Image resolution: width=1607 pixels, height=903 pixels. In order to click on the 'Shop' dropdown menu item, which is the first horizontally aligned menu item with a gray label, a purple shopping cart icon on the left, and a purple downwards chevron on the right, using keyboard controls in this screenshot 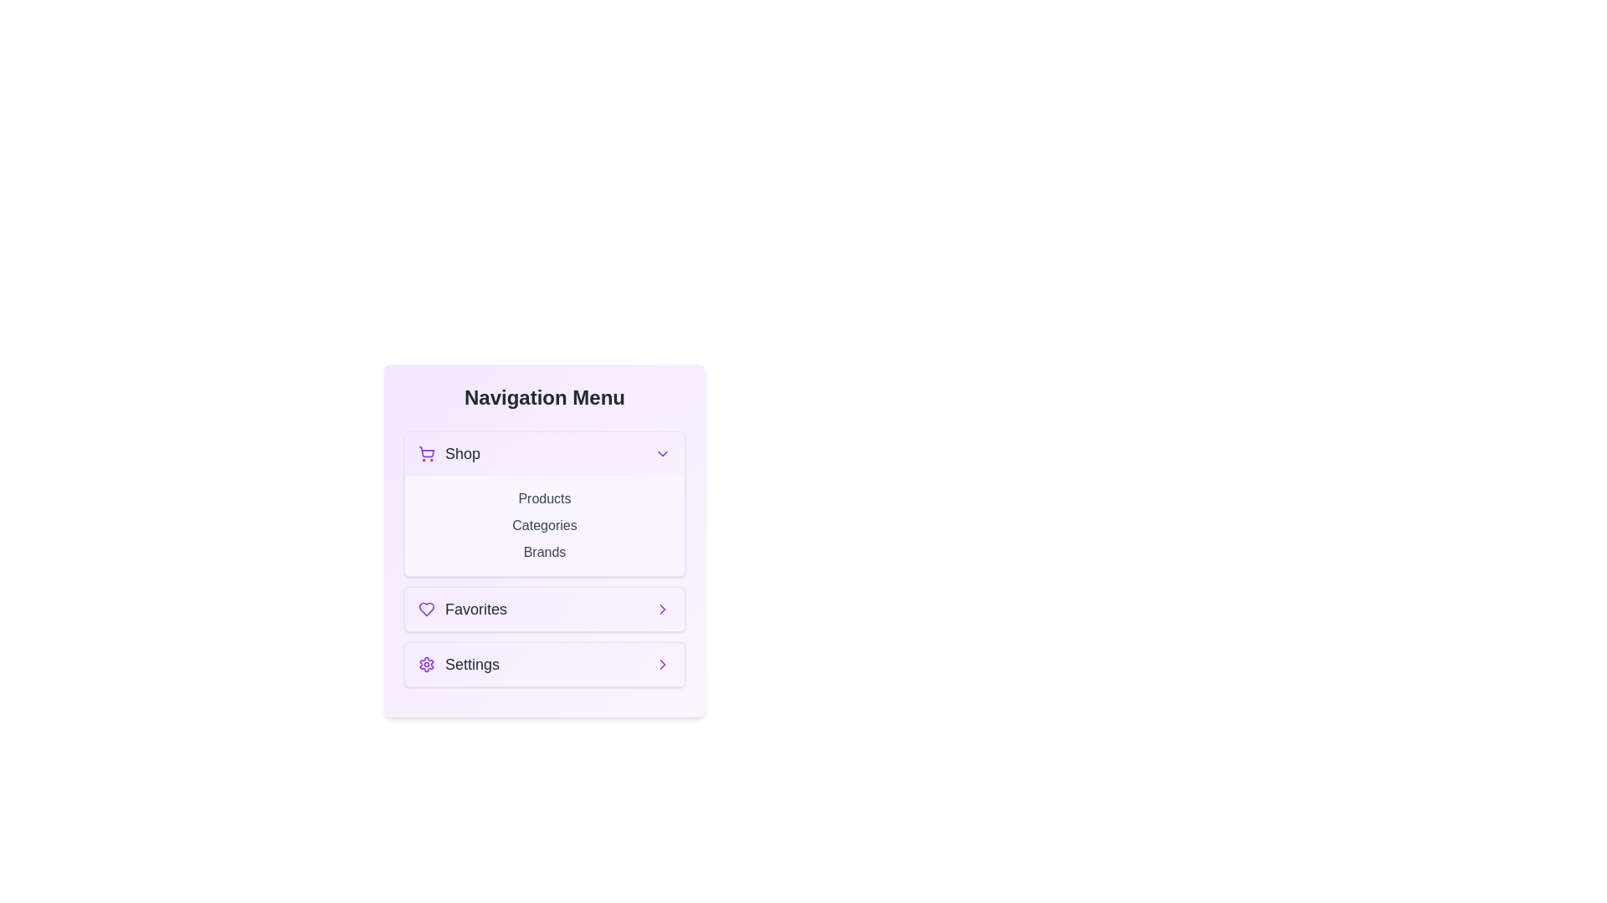, I will do `click(545, 454)`.